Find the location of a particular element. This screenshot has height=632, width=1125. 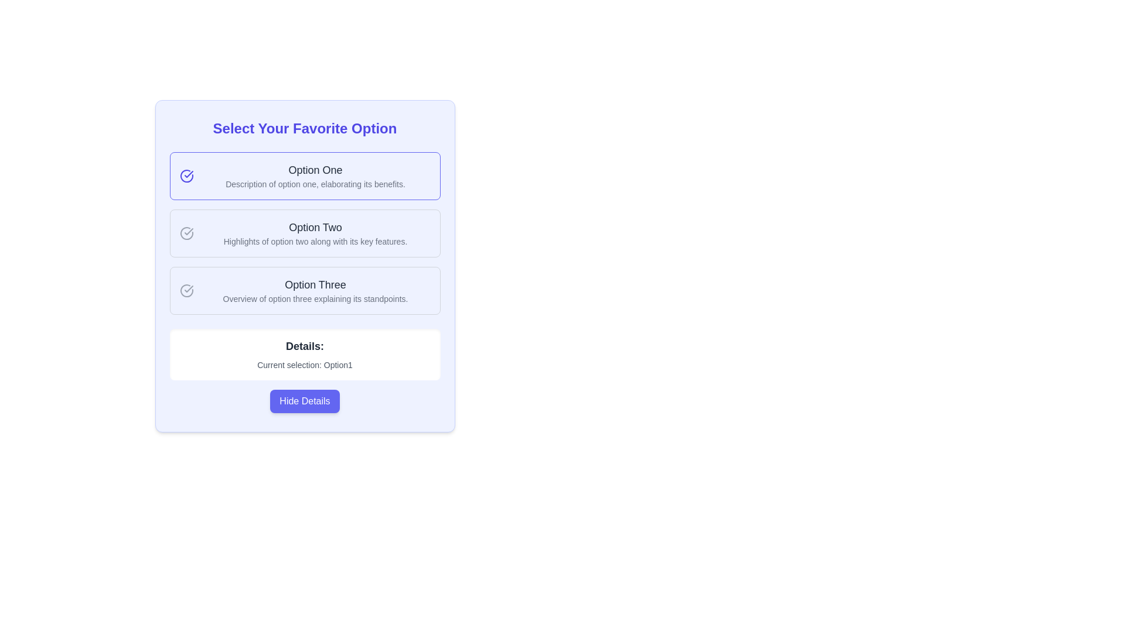

the text label serving as a header for the section, which is located above the 'Current selection: Option1' text in the panel is located at coordinates (305, 345).